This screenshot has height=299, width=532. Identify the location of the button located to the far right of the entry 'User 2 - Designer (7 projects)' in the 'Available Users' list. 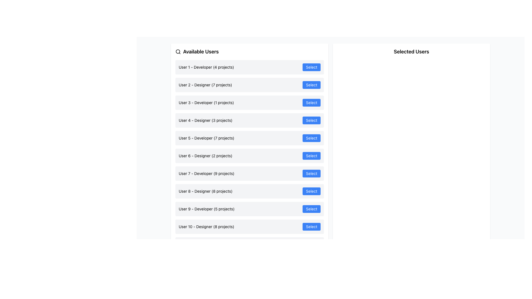
(311, 85).